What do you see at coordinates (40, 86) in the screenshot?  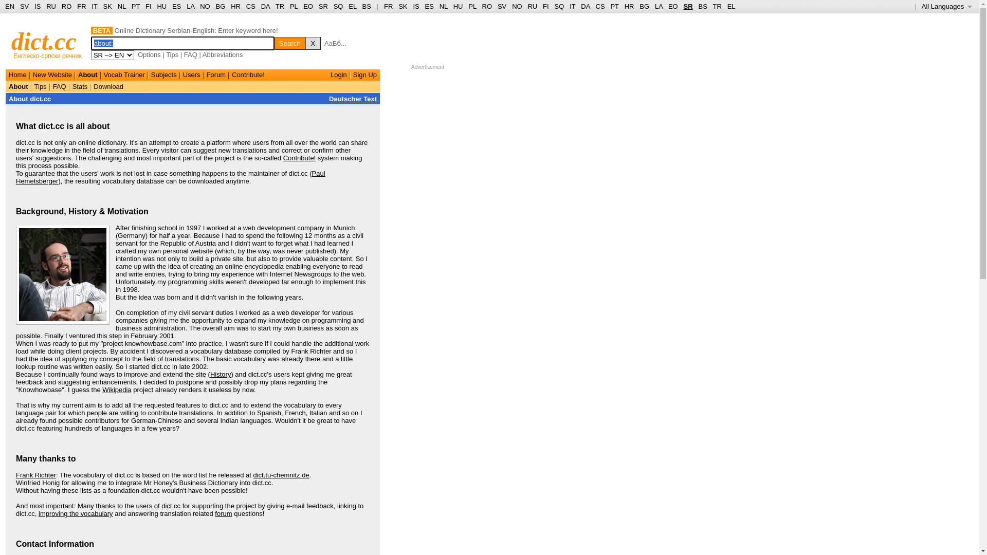 I see `'Tips'` at bounding box center [40, 86].